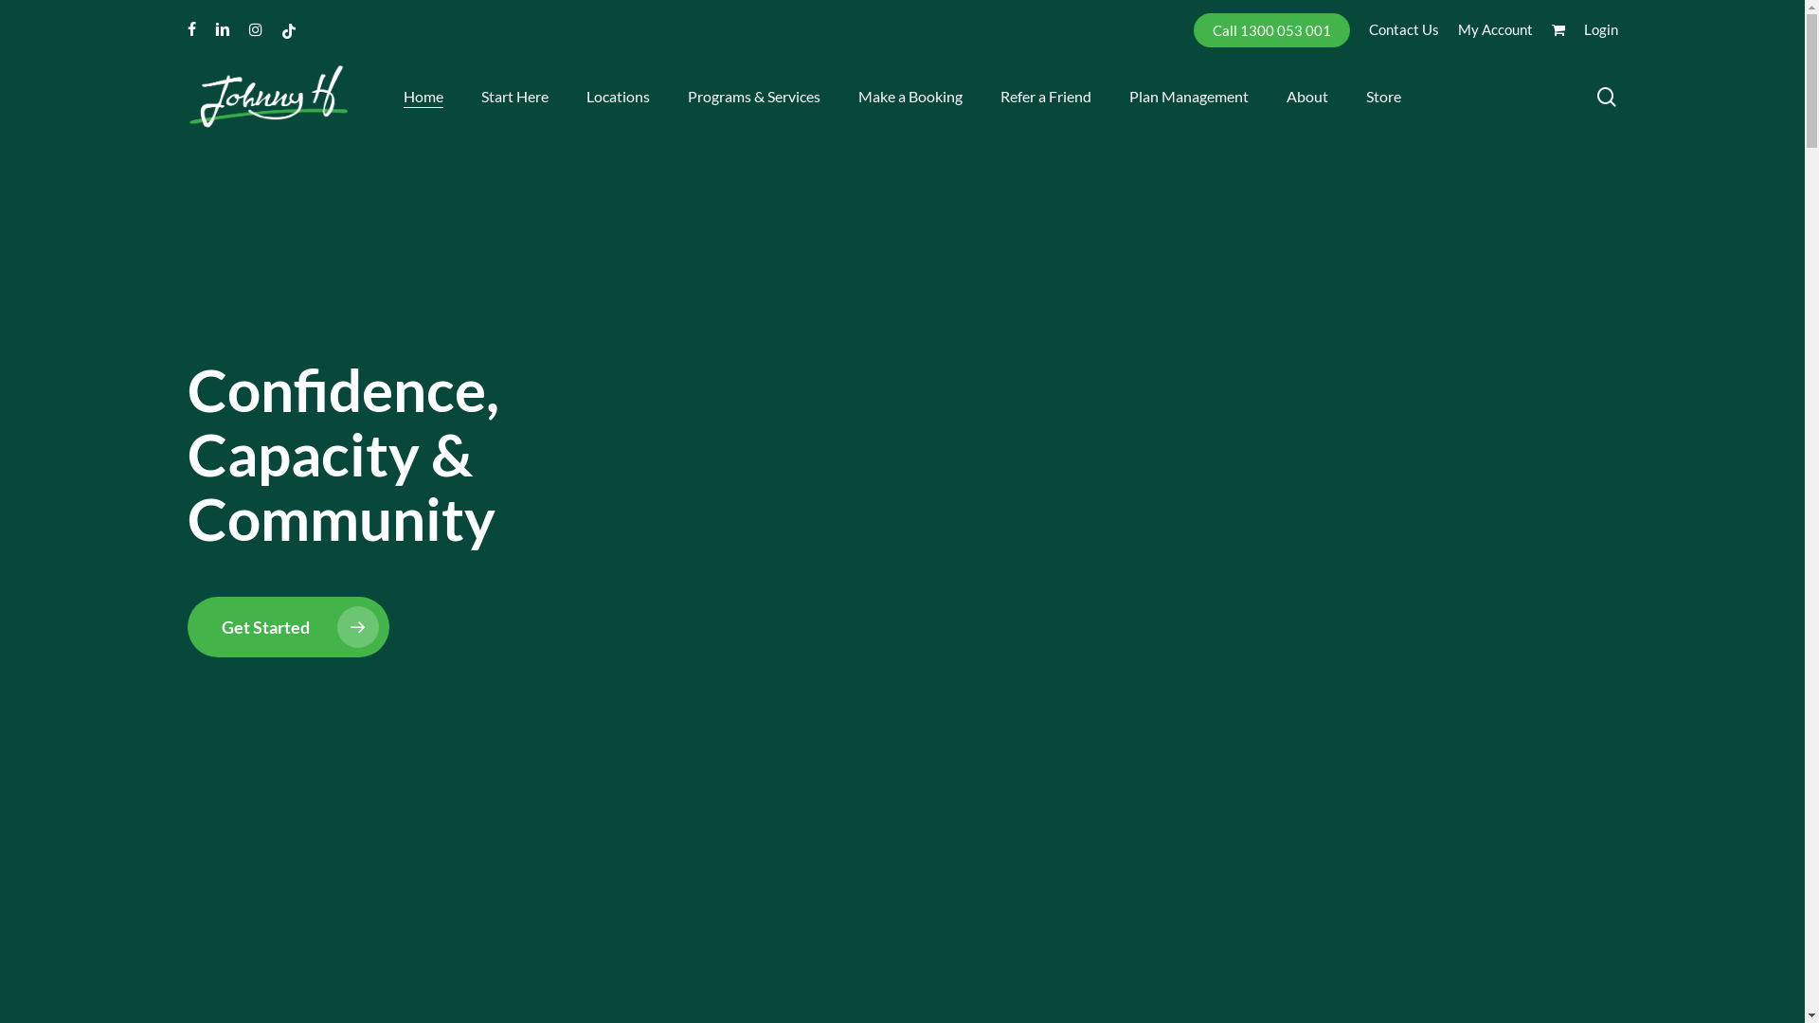 The image size is (1819, 1023). Describe the element at coordinates (286, 28) in the screenshot. I see `'tiktok'` at that location.